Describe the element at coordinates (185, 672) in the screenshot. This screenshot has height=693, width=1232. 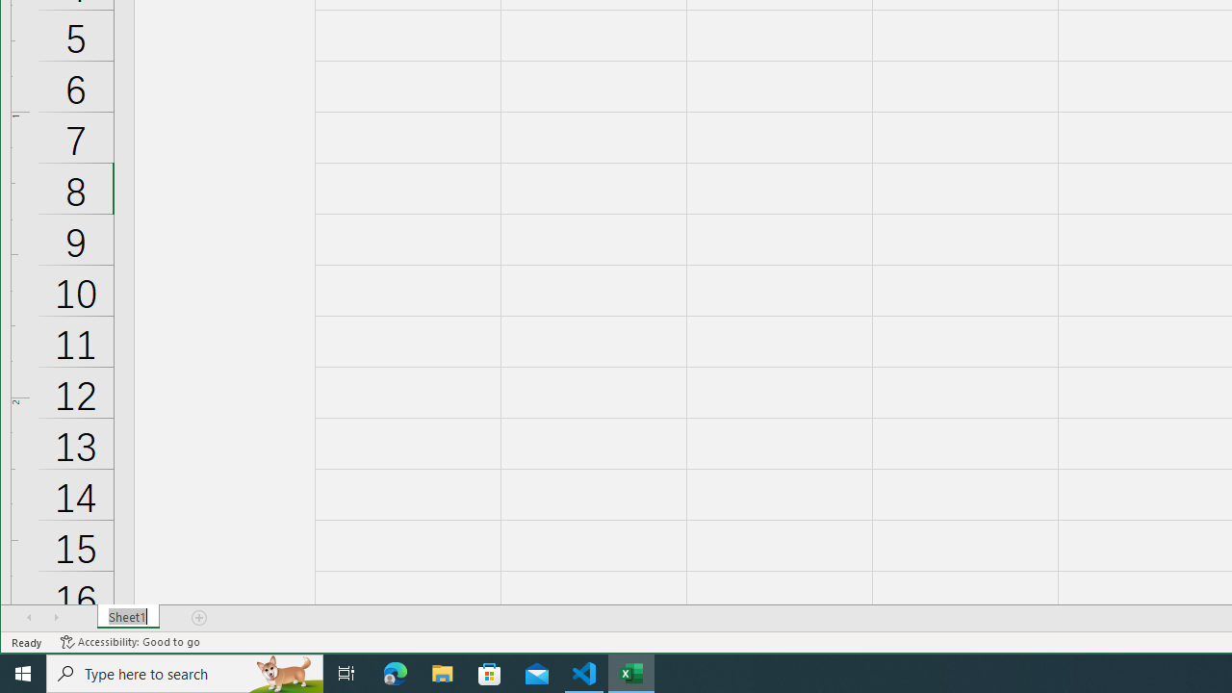
I see `'Type here to search'` at that location.